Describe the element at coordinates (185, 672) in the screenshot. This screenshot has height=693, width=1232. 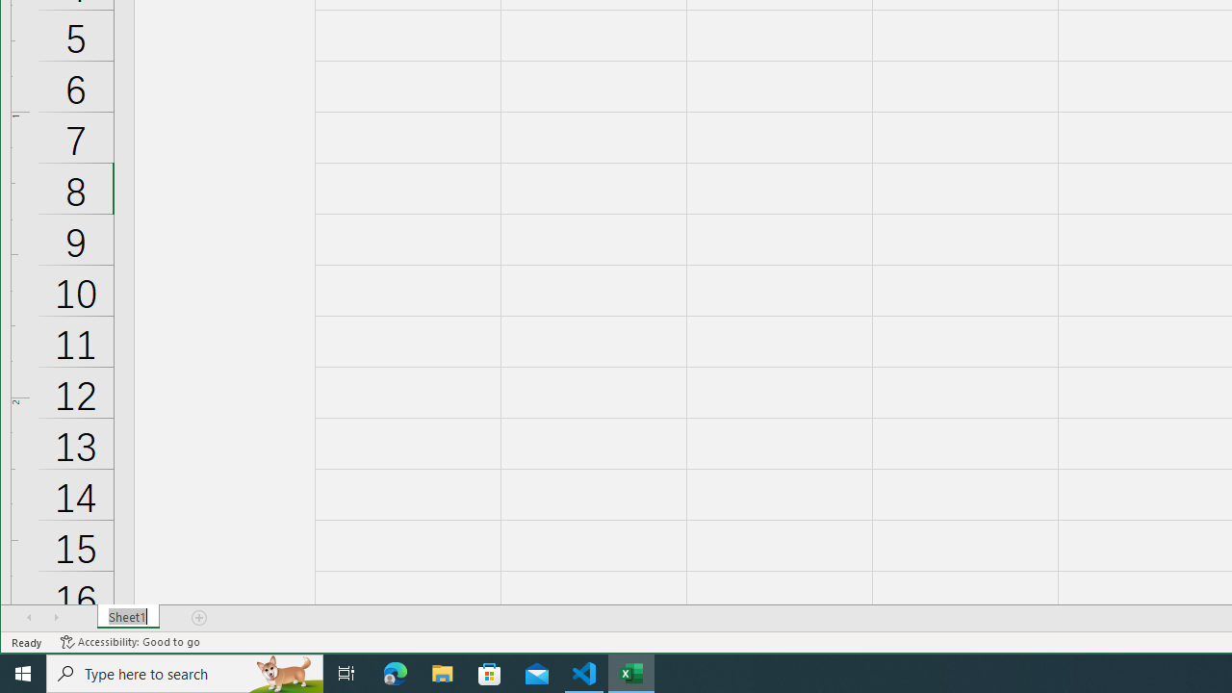
I see `'Type here to search'` at that location.